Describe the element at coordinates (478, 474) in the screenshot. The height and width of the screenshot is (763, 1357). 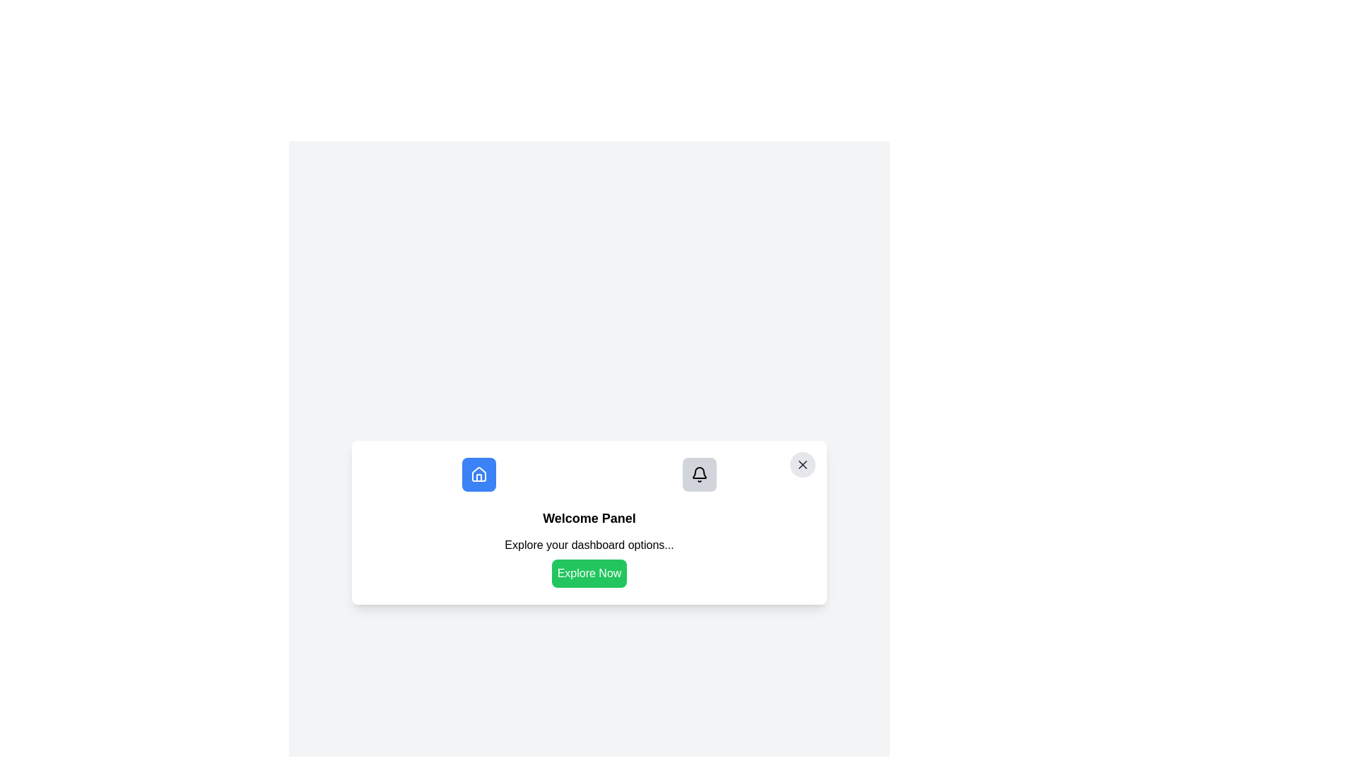
I see `the clickable button with an embedded house icon, which serves as a navigational shortcut to the home page` at that location.